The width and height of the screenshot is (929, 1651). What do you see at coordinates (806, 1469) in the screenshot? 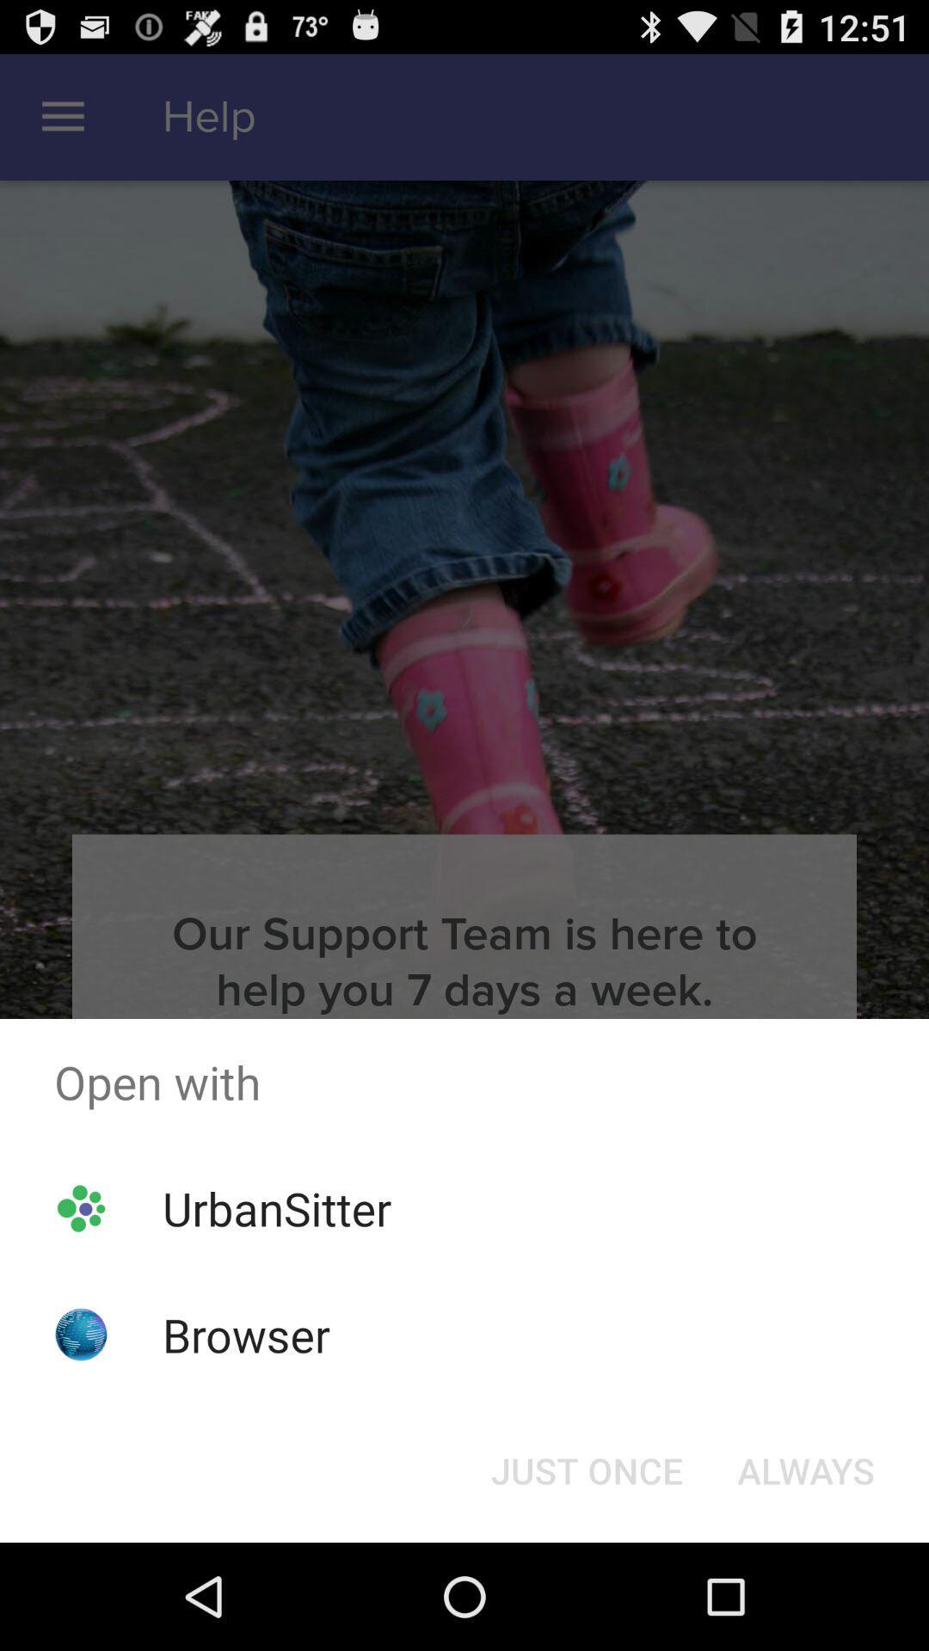
I see `always` at bounding box center [806, 1469].